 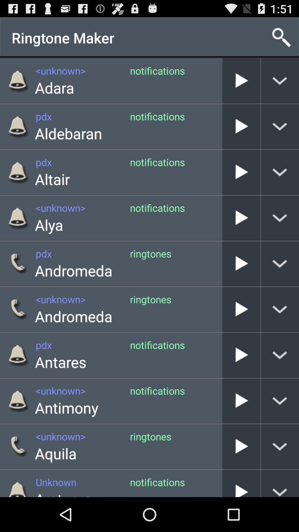 What do you see at coordinates (63, 493) in the screenshot?
I see `the item to the left of the notifications` at bounding box center [63, 493].